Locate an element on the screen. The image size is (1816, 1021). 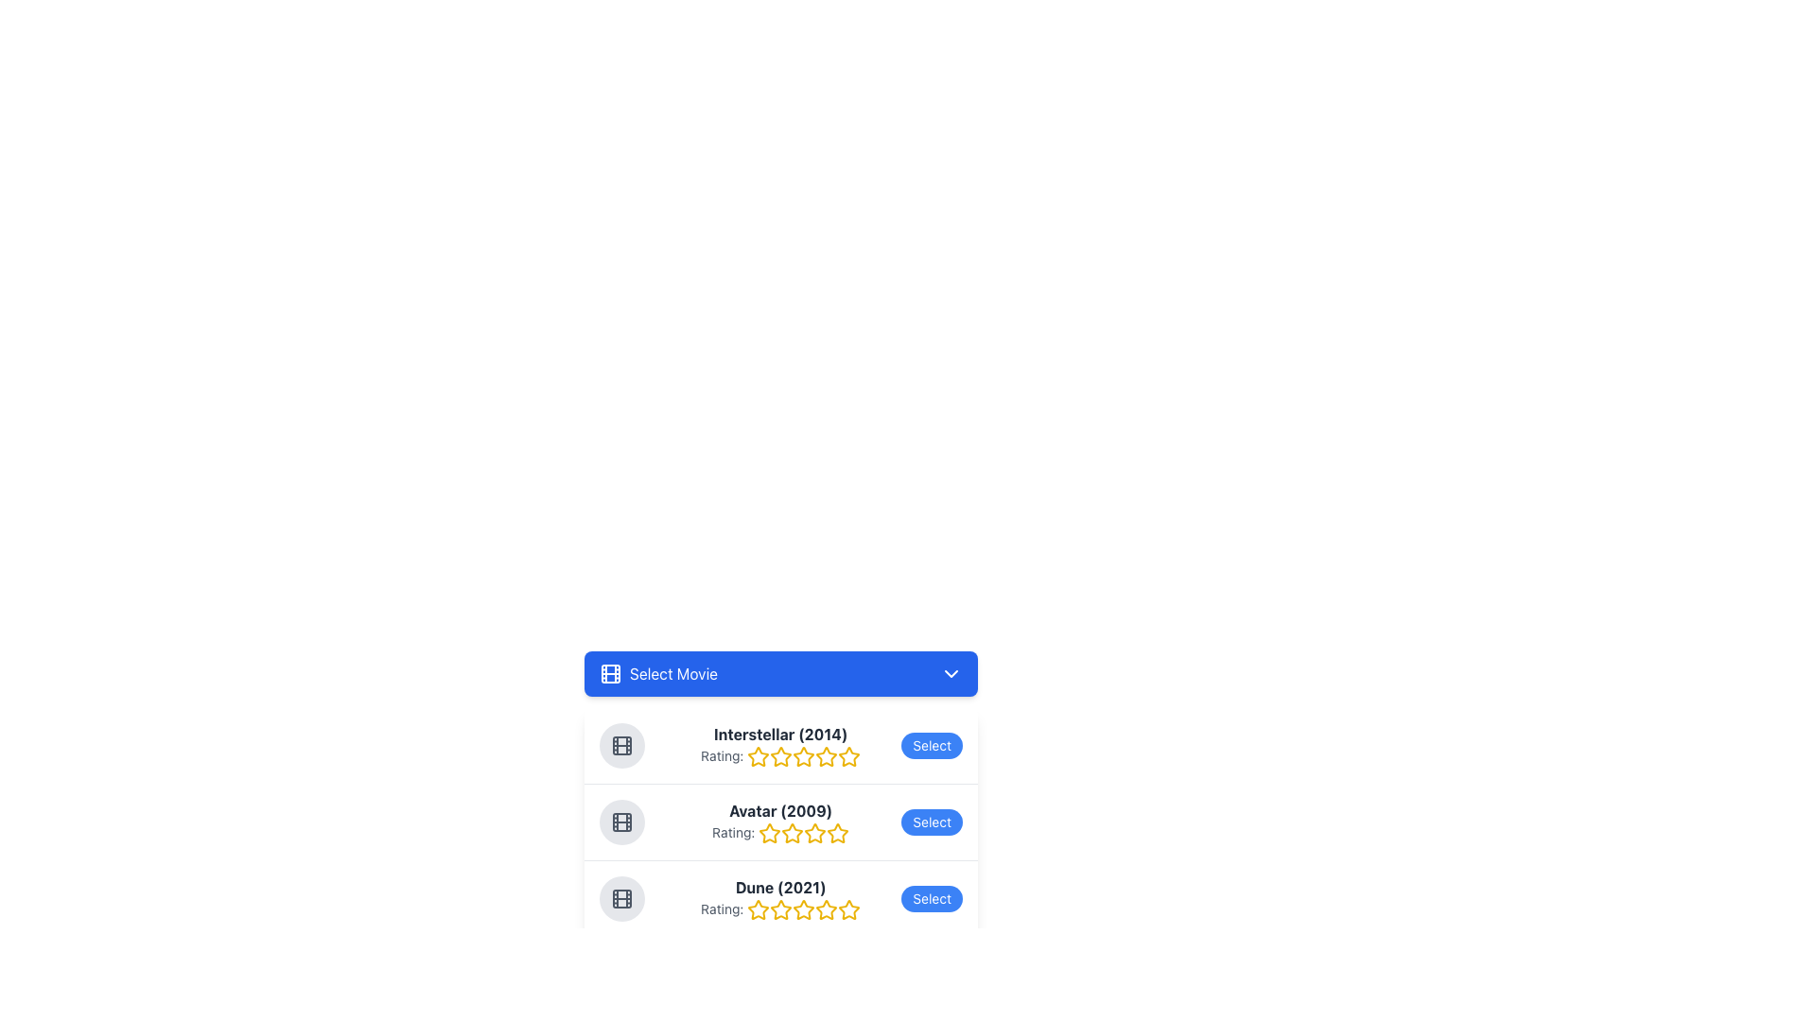
the second yellow star icon in the rating sequence for the movie 'Interstellar (2014)', which is outlined and has a hollow center is located at coordinates (781, 756).